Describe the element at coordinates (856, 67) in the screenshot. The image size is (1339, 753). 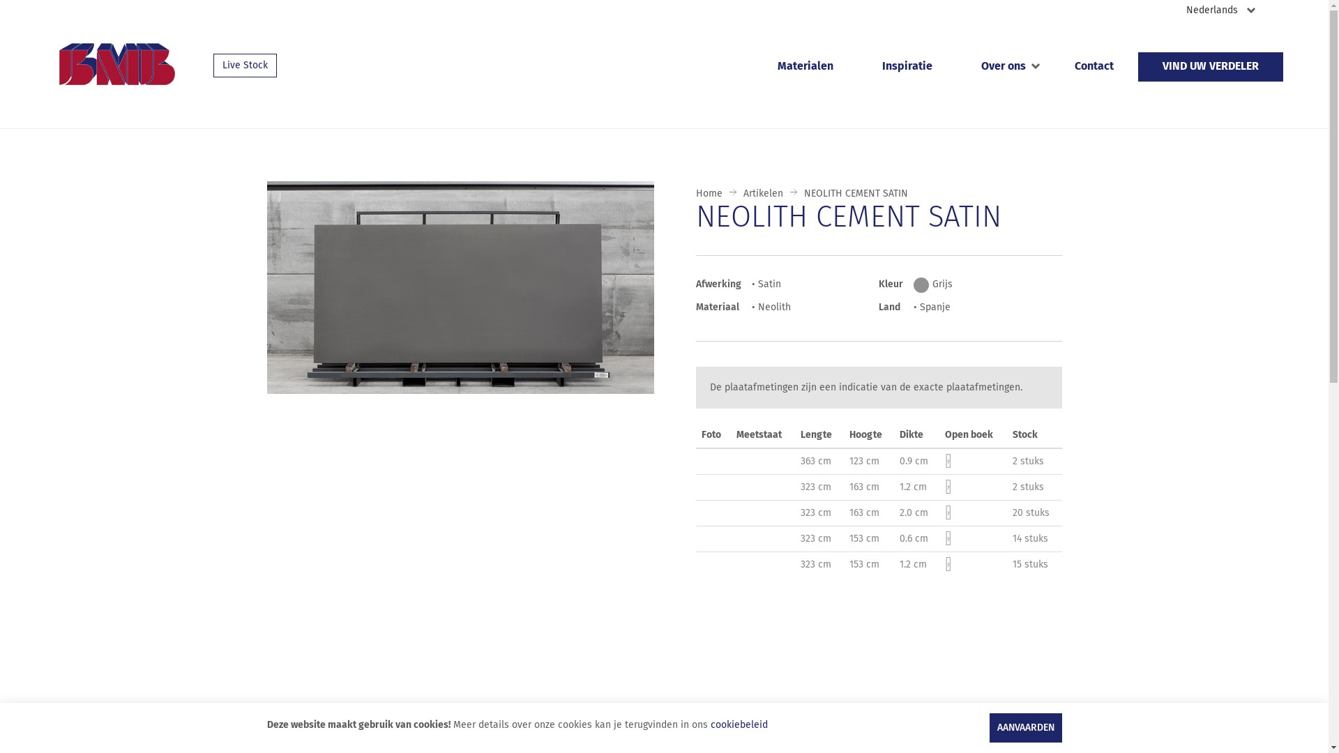
I see `'Inspiratie'` at that location.